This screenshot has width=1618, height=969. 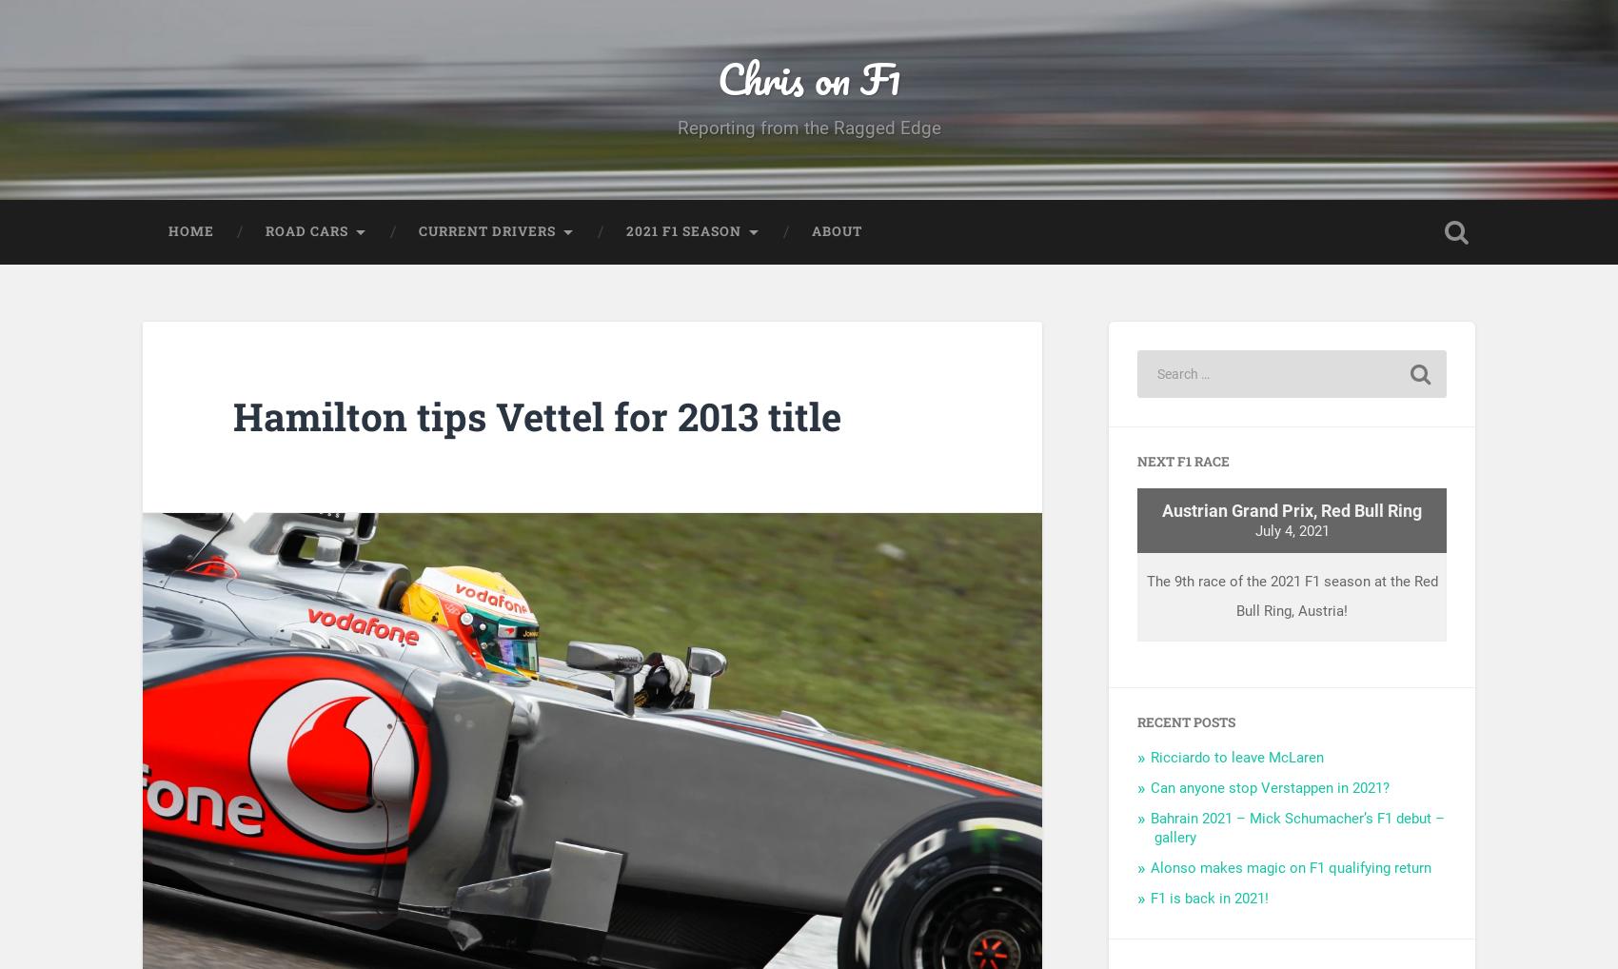 What do you see at coordinates (231, 425) in the screenshot?
I see `'Hamilton tips Vettel for 2013 title'` at bounding box center [231, 425].